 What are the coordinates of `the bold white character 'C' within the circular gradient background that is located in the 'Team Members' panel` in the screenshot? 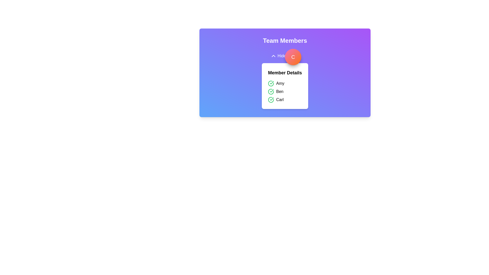 It's located at (293, 57).